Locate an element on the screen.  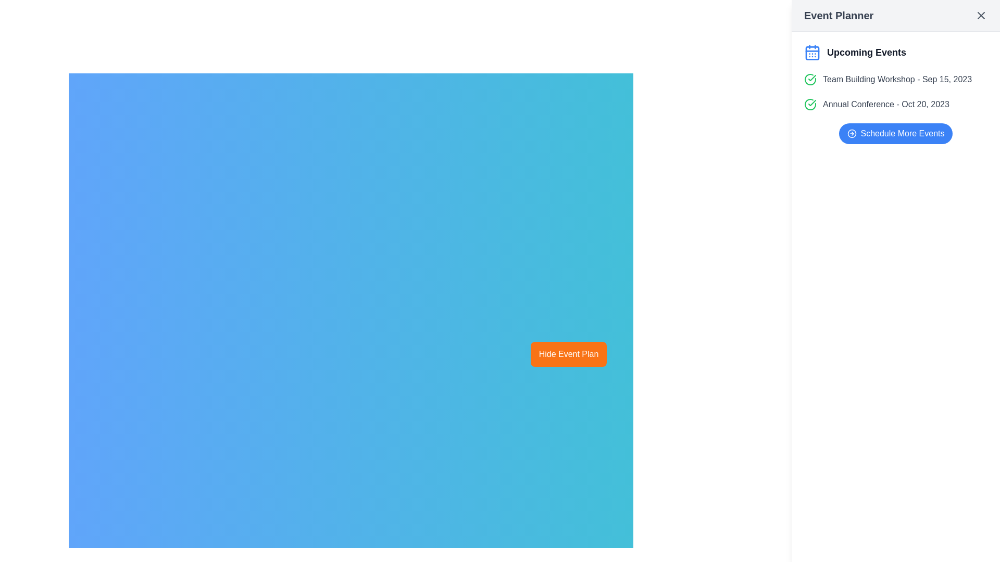
text label displaying 'Annual Conference - Oct 20, 2023' located in the 'Upcoming Events' section of the sidebar, positioned below the 'Team Building Workshop - Sep 15, 2023' is located at coordinates (885, 104).